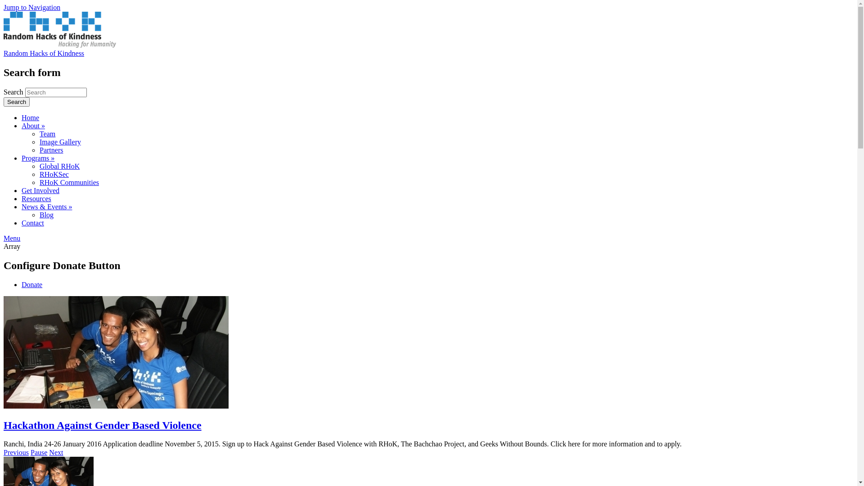  I want to click on 'Enter the terms you wish to search for.', so click(55, 92).